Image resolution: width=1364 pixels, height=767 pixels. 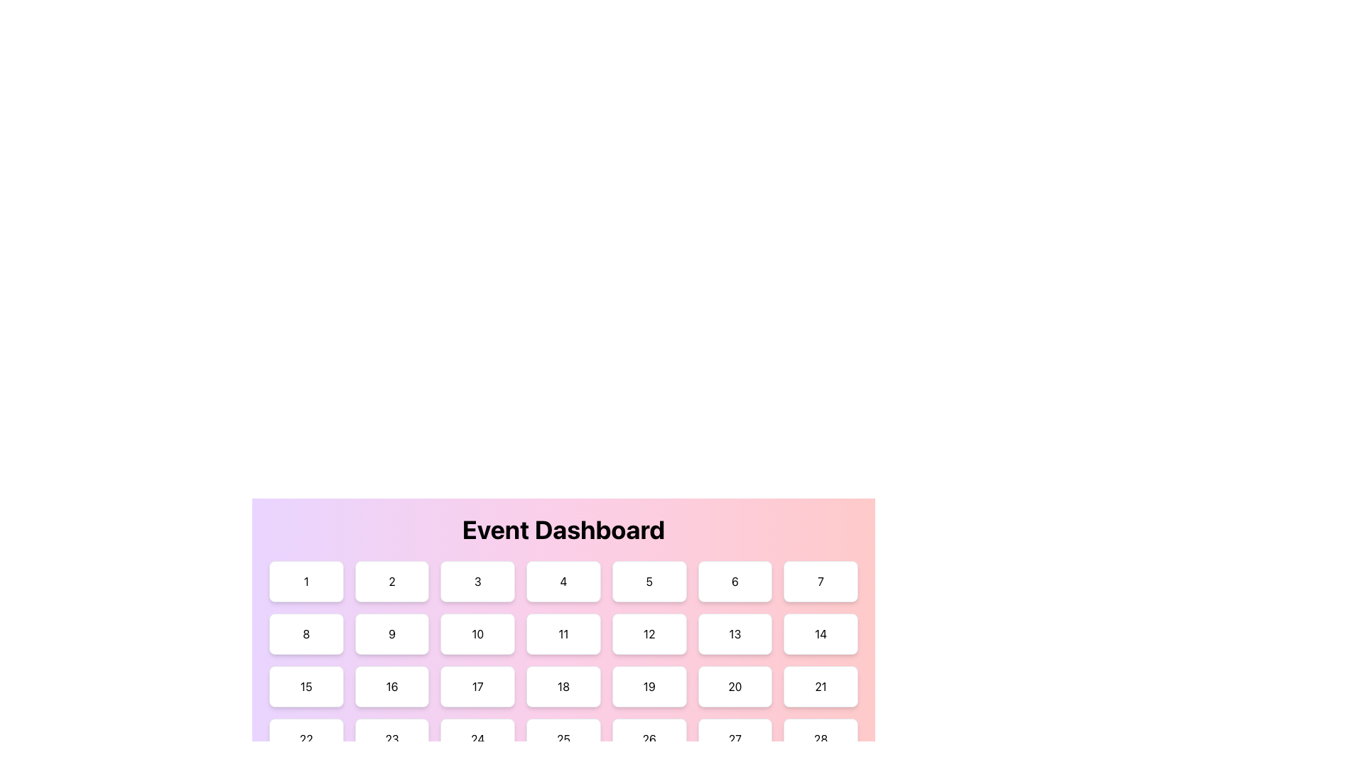 What do you see at coordinates (392, 686) in the screenshot?
I see `the 16th button in the grid layout, which is positioned in the 3rd row and 2nd column` at bounding box center [392, 686].